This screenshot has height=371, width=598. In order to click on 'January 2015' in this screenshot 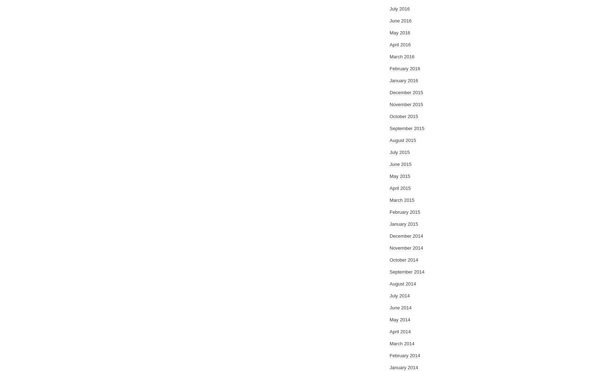, I will do `click(389, 224)`.